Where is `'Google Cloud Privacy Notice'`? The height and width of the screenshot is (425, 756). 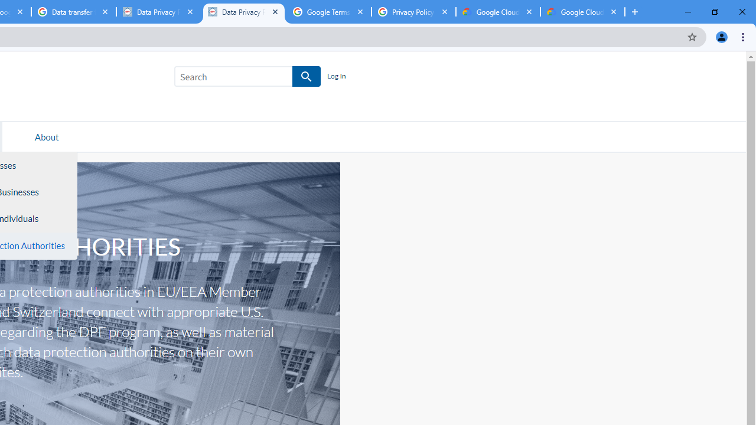
'Google Cloud Privacy Notice' is located at coordinates (498, 12).